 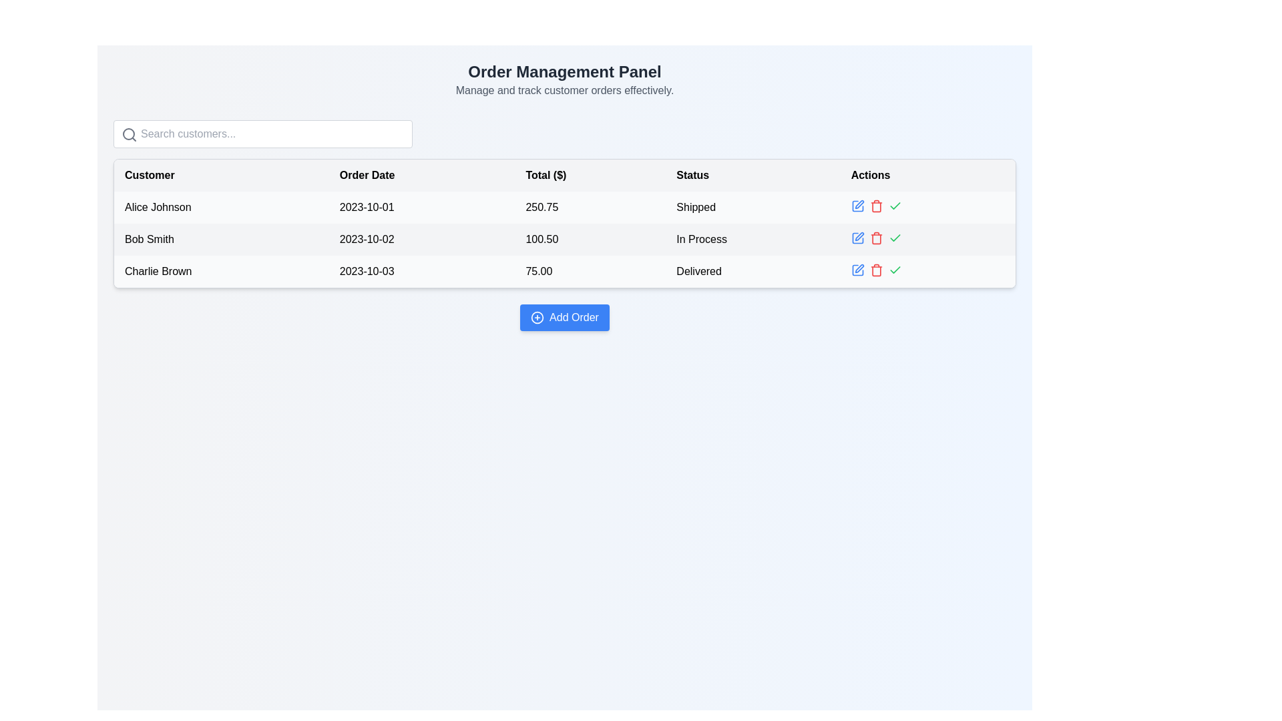 What do you see at coordinates (564, 72) in the screenshot?
I see `the headline text element related to order management, which is positioned at the top center of the interface` at bounding box center [564, 72].